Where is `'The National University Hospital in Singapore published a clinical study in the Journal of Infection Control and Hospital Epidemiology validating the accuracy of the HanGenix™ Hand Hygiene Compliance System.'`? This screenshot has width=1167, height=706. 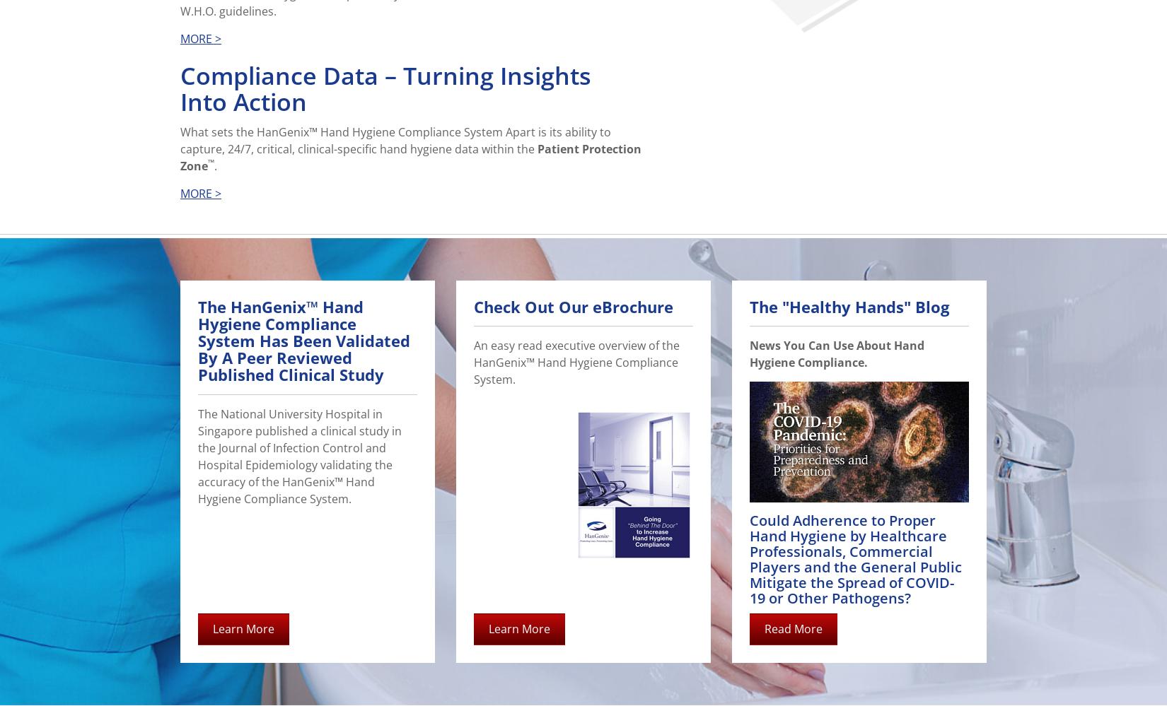 'The National University Hospital in Singapore published a clinical study in the Journal of Infection Control and Hospital Epidemiology validating the accuracy of the HanGenix™ Hand Hygiene Compliance System.' is located at coordinates (299, 454).